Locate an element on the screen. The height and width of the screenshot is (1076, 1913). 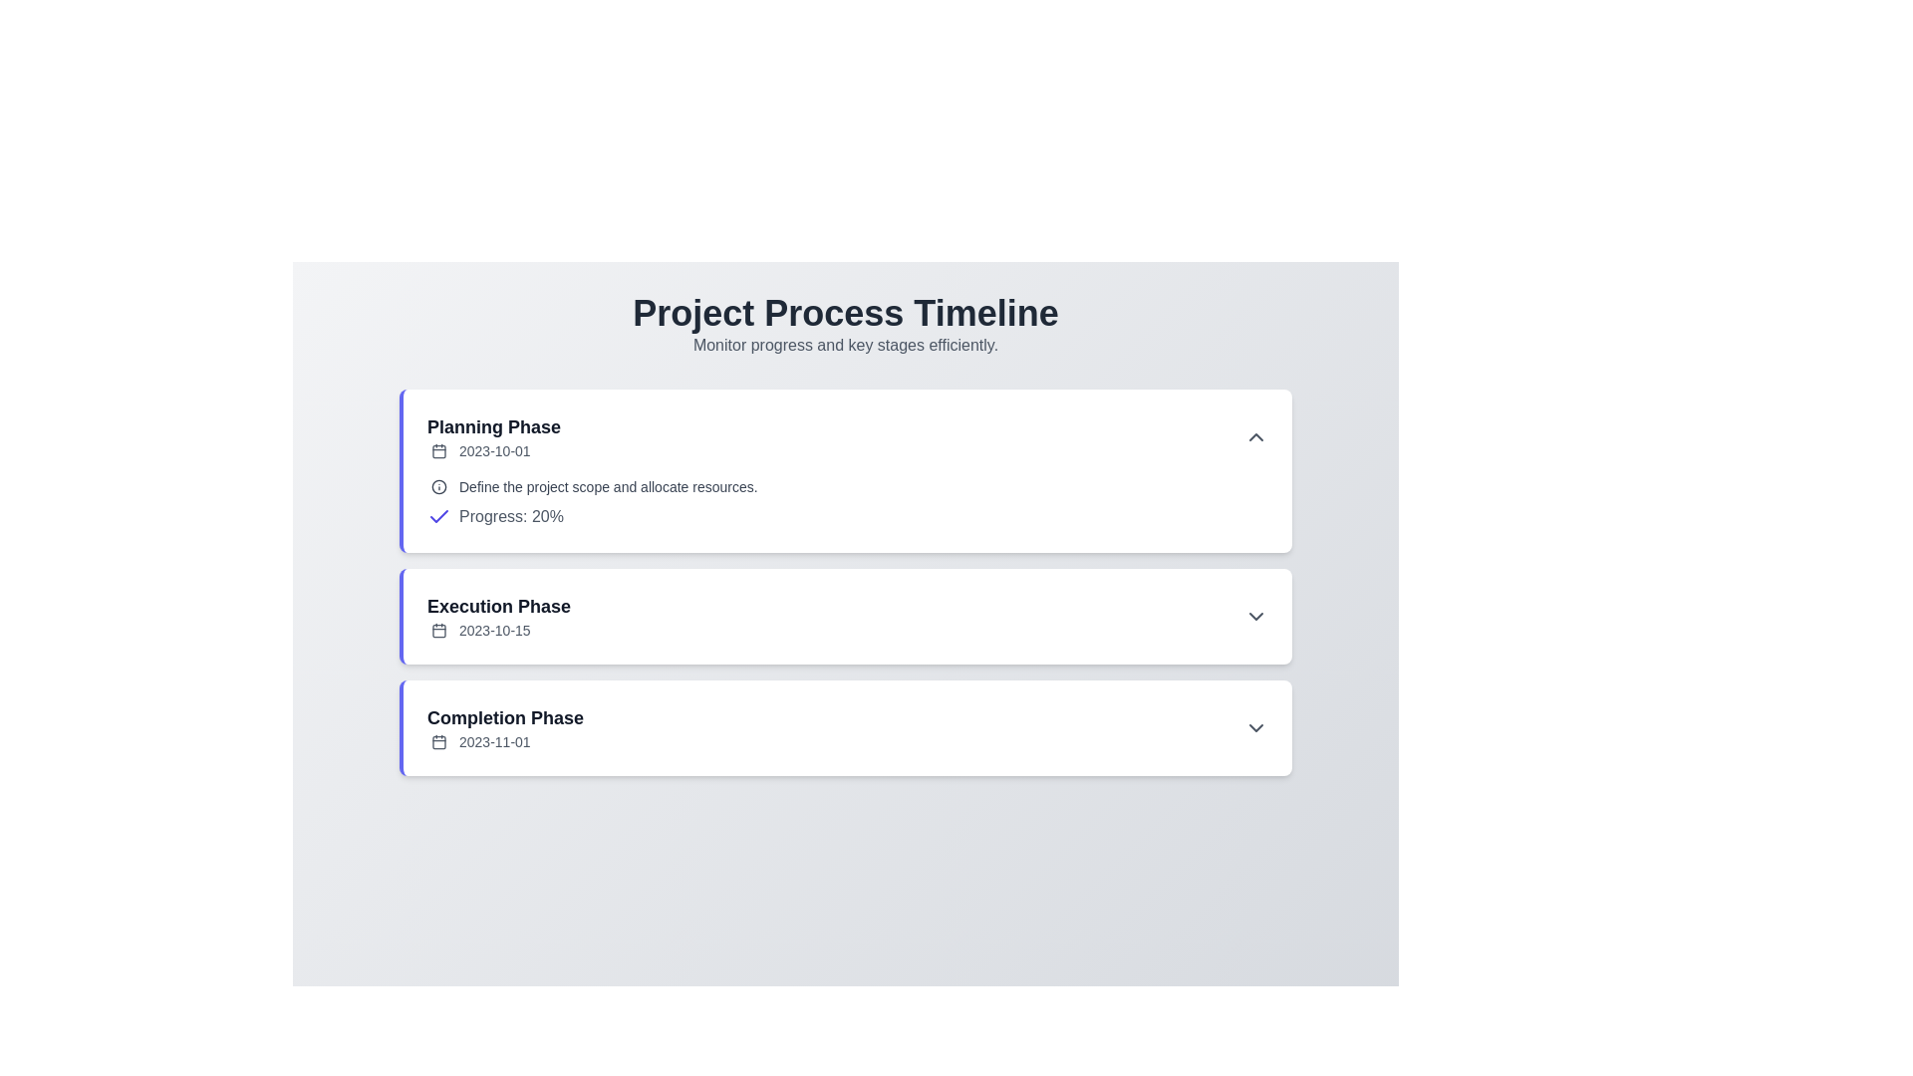
the Text Label with Icon that displays the date associated with the 'Execution Phase' located directly below the title 'Execution Phase' in the middle card of the page is located at coordinates (499, 630).